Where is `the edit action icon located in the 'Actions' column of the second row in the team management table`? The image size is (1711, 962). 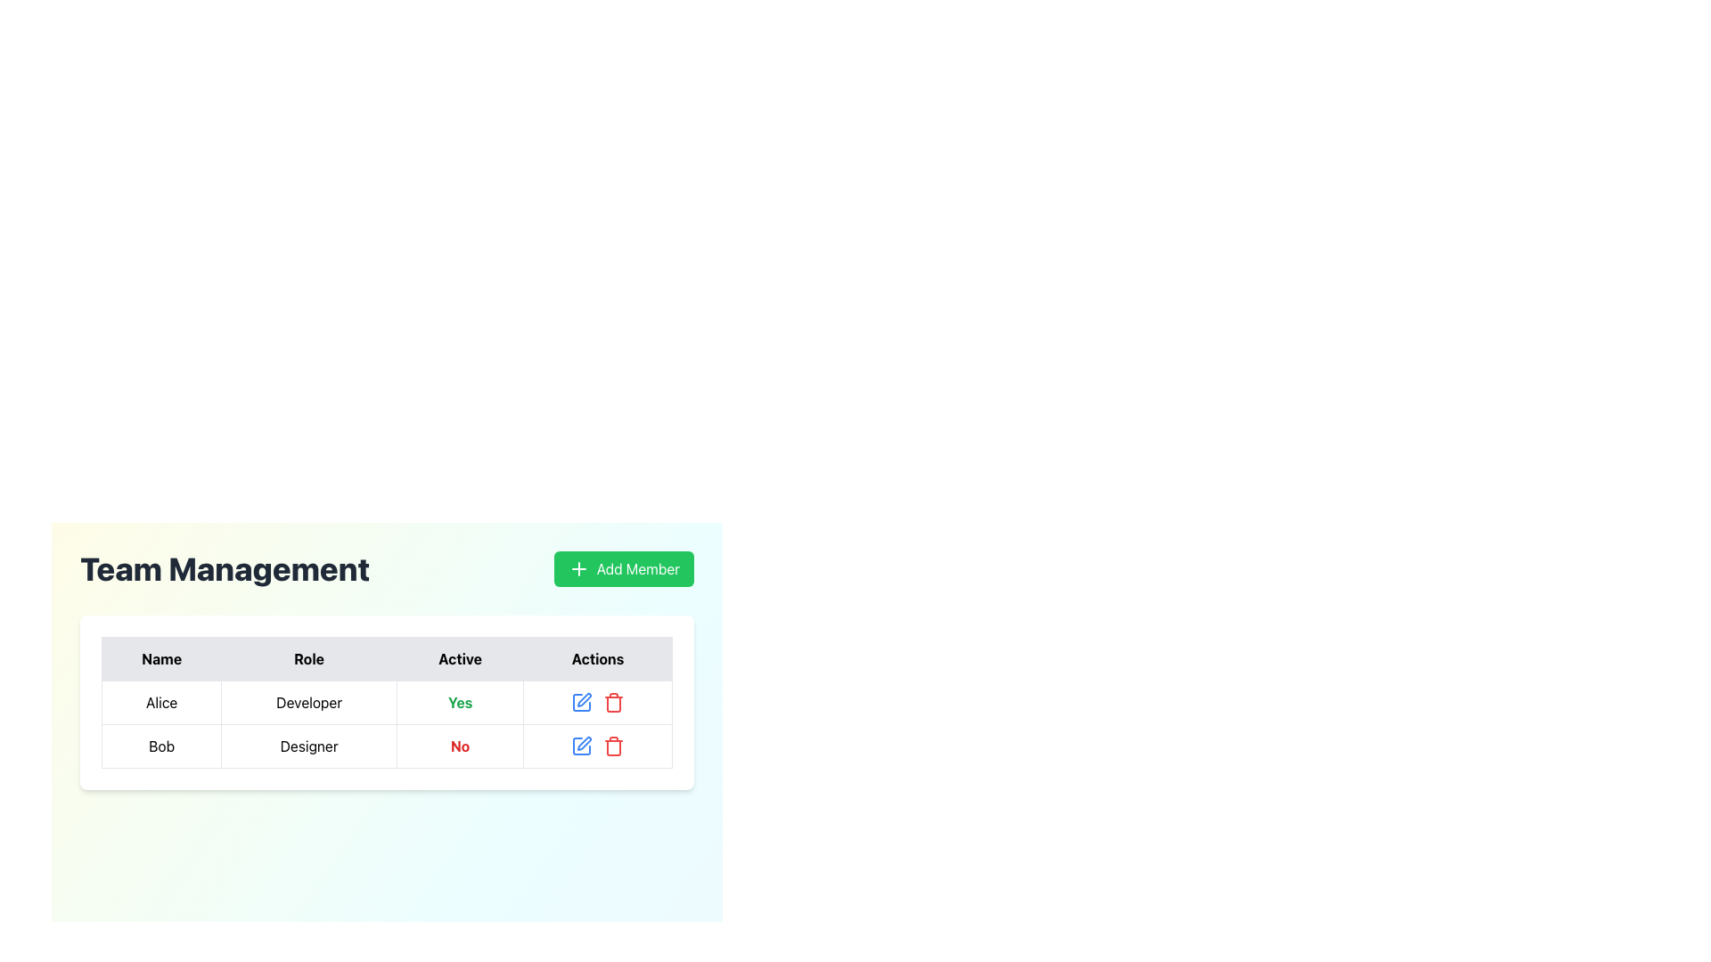
the edit action icon located in the 'Actions' column of the second row in the team management table is located at coordinates (585, 743).